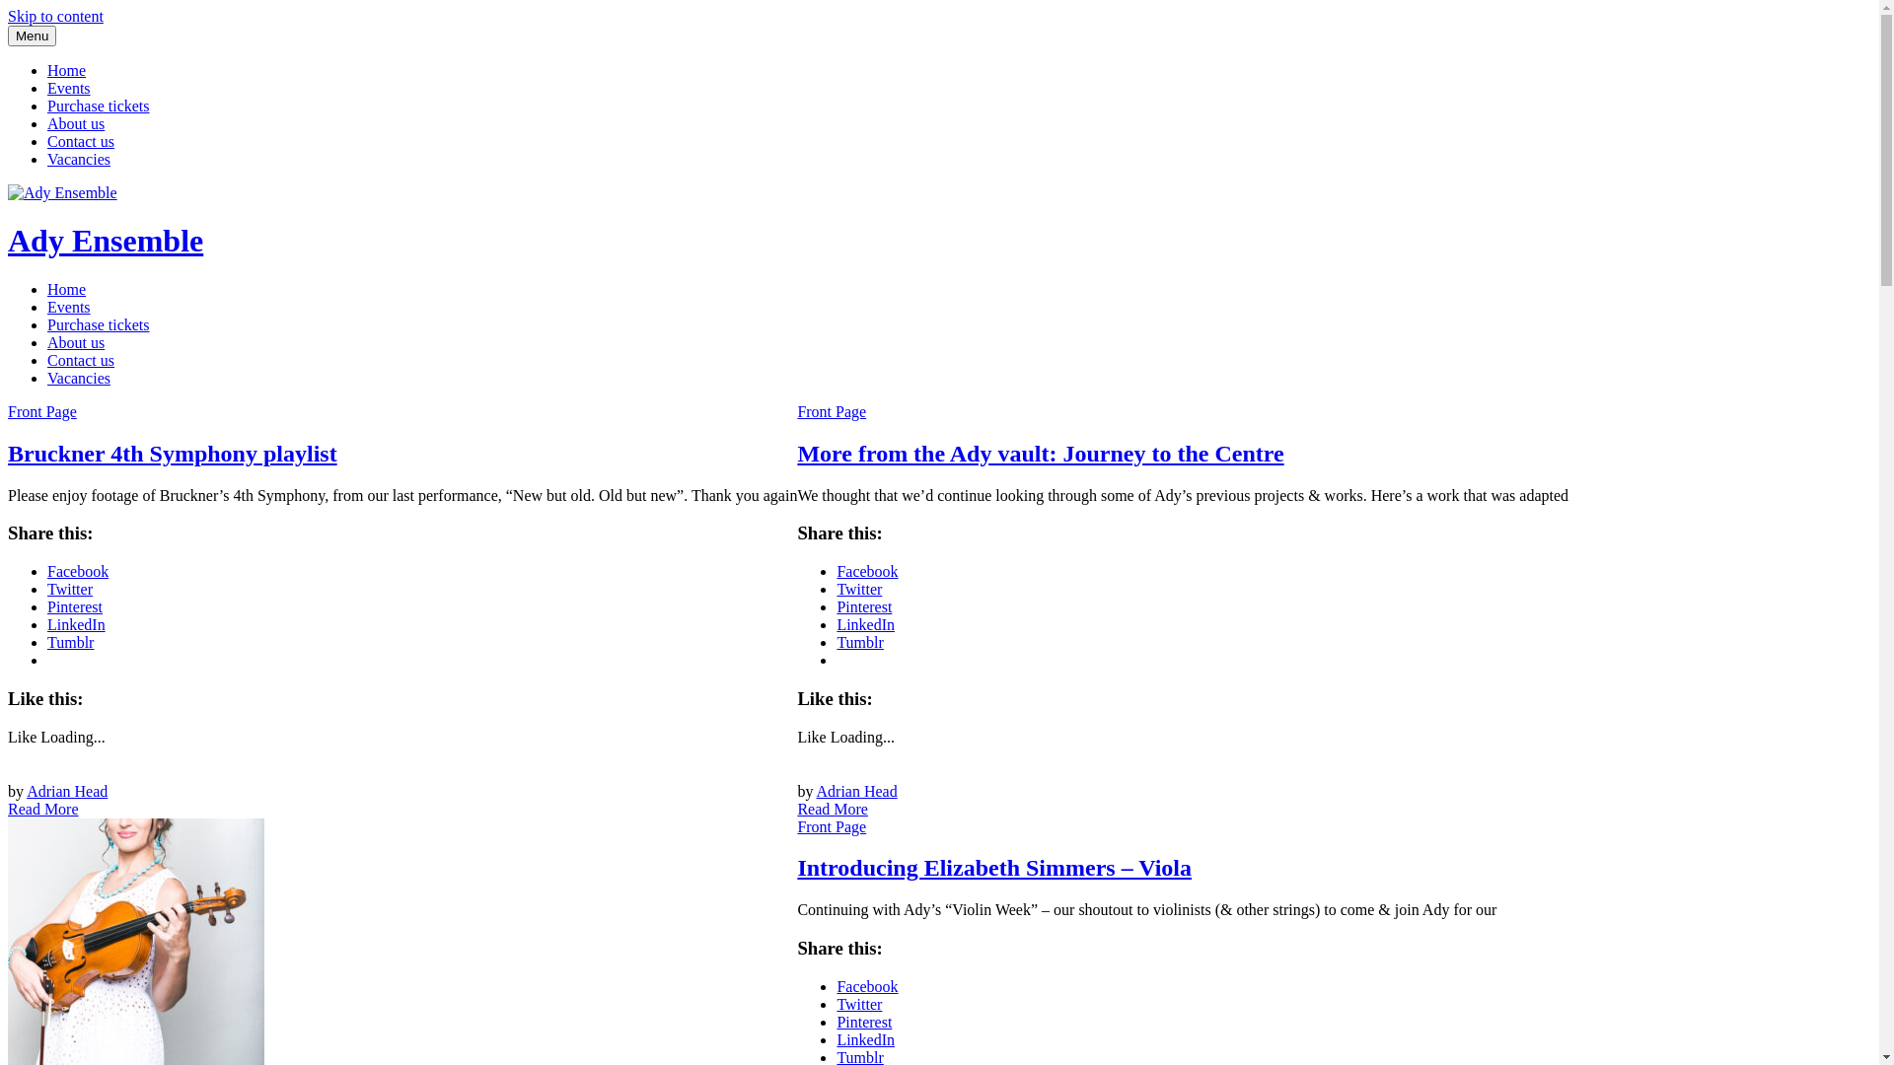 The width and height of the screenshot is (1894, 1065). I want to click on 'Facebook', so click(77, 571).